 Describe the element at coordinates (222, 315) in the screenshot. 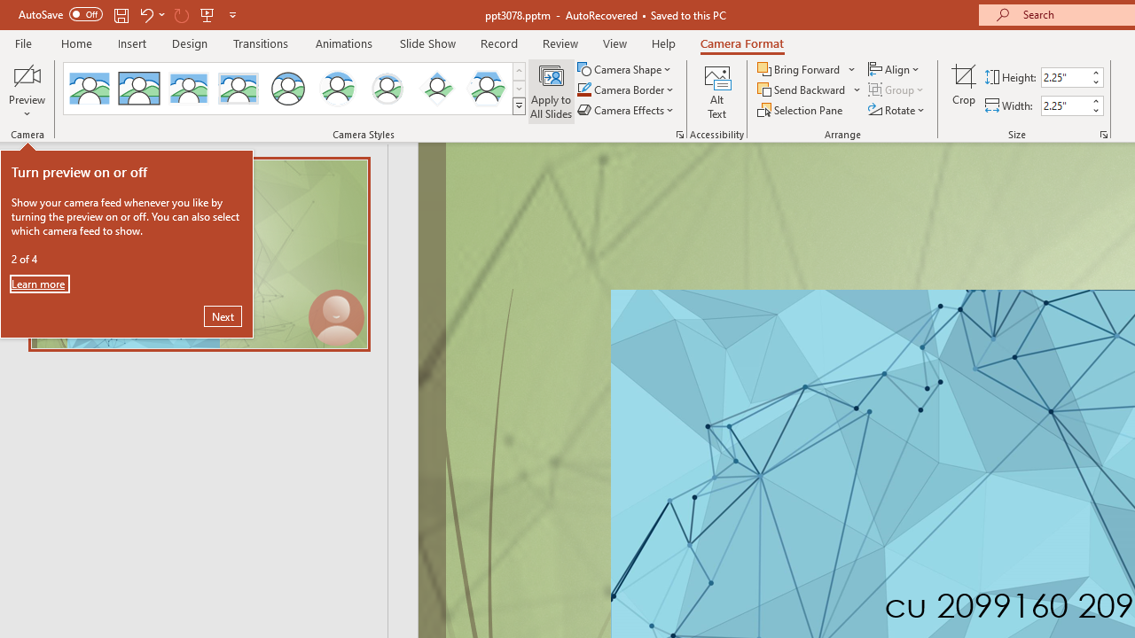

I see `'Next'` at that location.